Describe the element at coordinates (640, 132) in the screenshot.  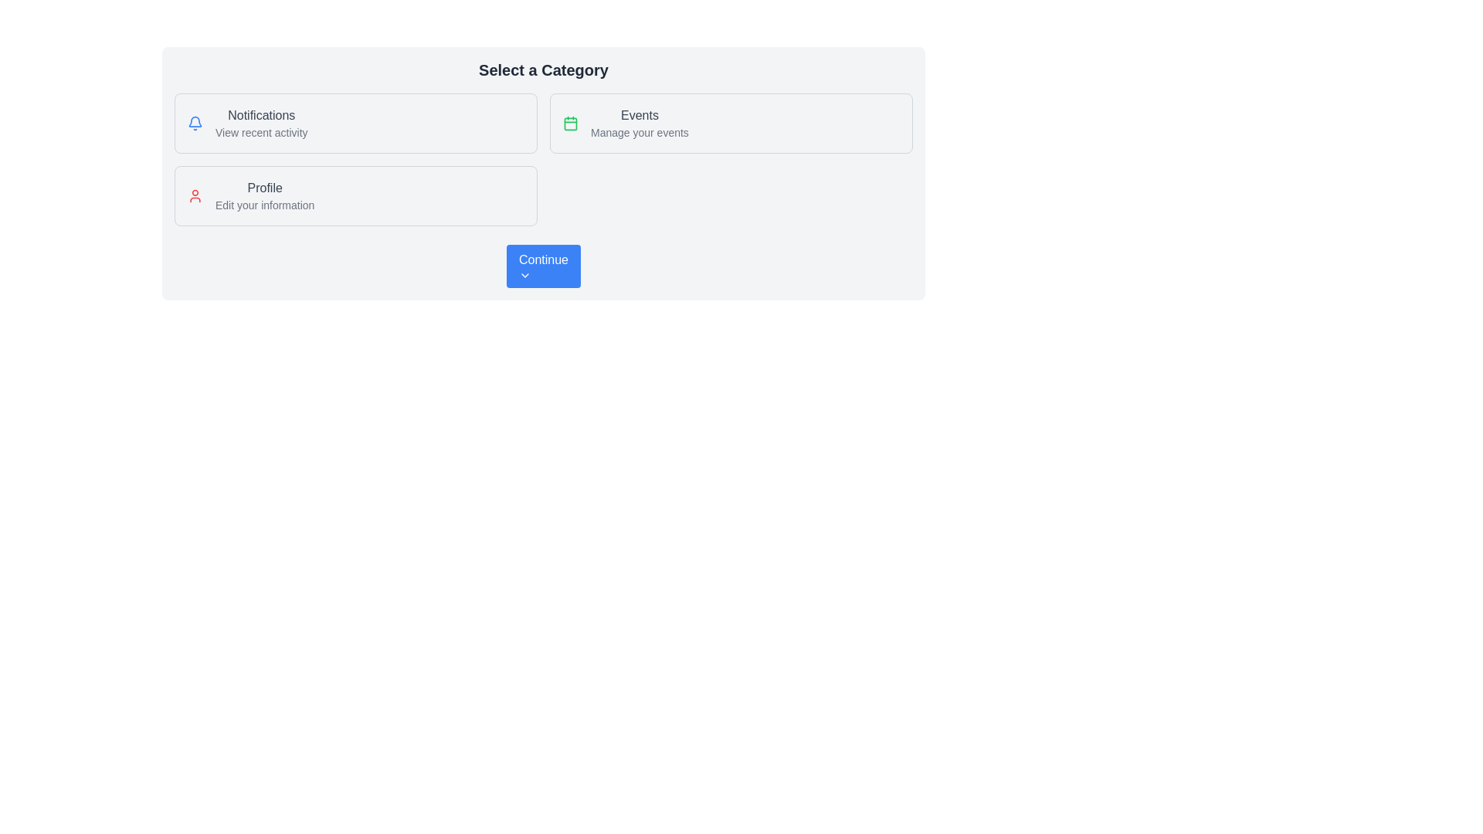
I see `the static text element that reads 'Manage your events', which is styled in a smaller gray font and serves as a subordinate subtitle to the 'Events' title in the right-hand card of the interface` at that location.